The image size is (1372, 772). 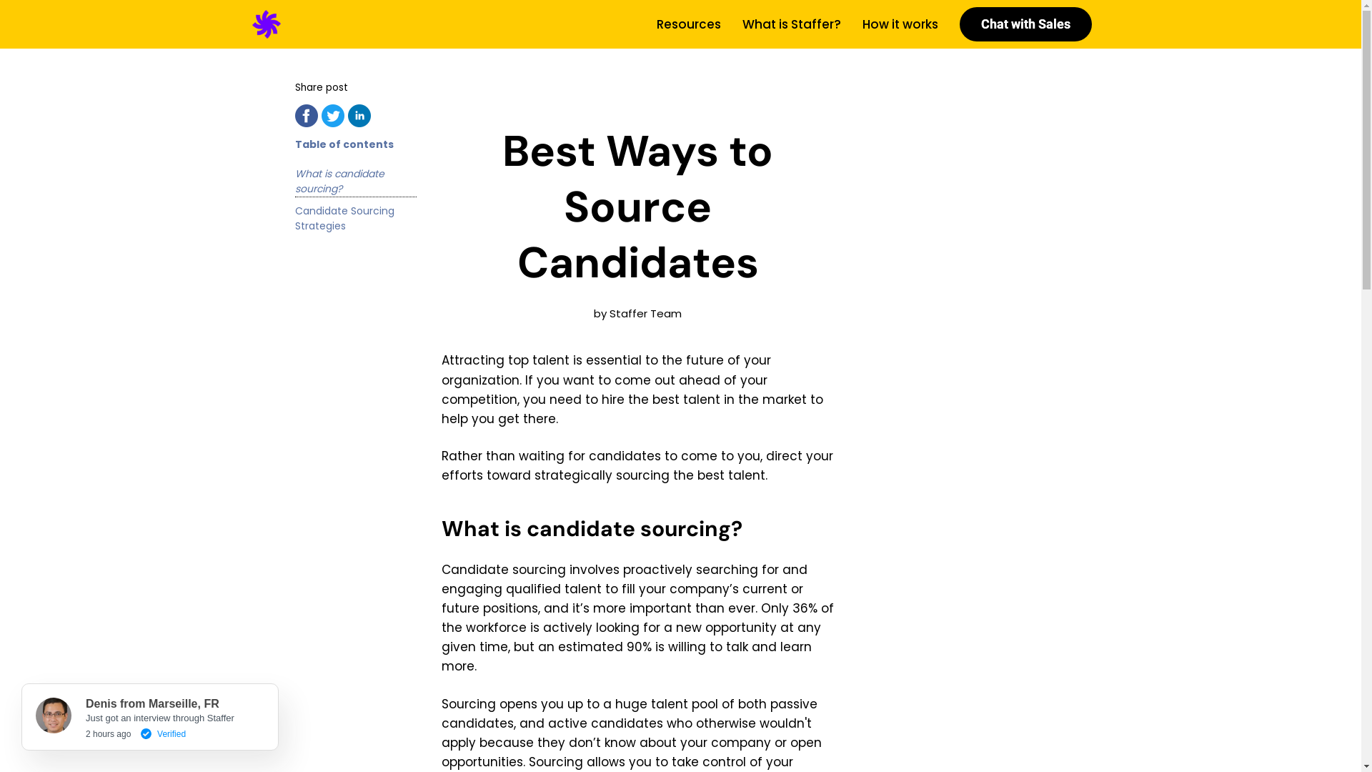 I want to click on 'Resources', so click(x=688, y=24).